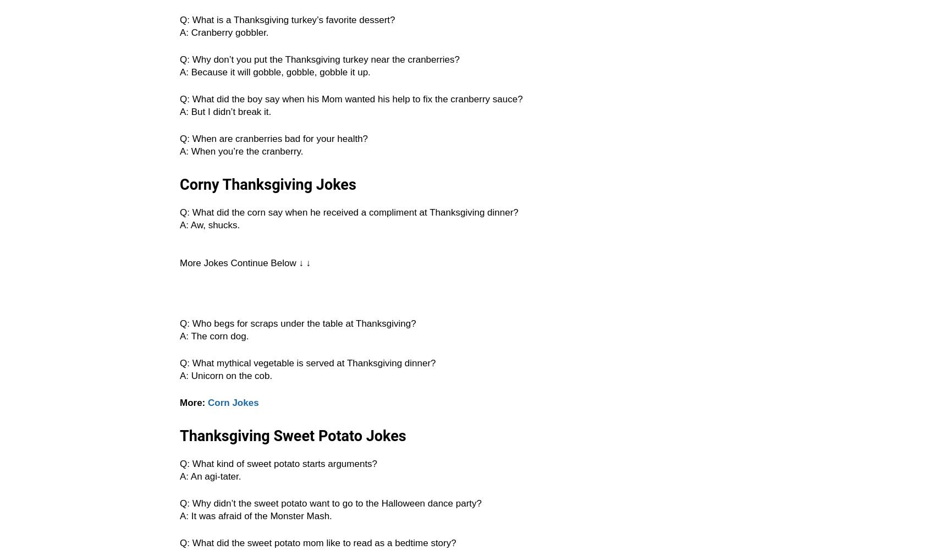 The image size is (947, 550). I want to click on 'Corny Thanksgiving Jokes', so click(267, 184).